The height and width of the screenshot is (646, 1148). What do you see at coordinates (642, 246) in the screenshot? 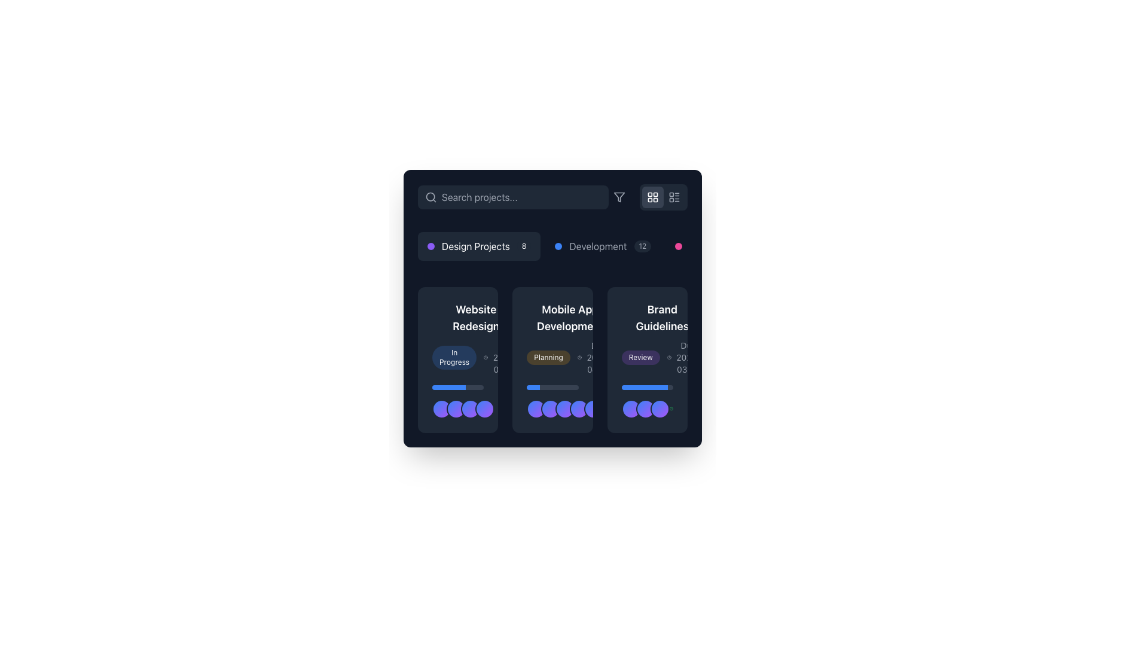
I see `the badge that indicates the number of items or notifications associated with the 'Development' category, which is positioned next to the 'Development' label` at bounding box center [642, 246].